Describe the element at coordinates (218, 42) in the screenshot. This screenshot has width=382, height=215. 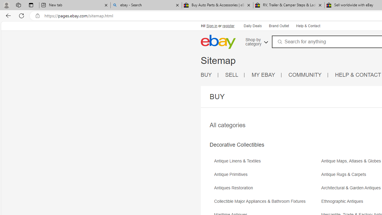
I see `'eBay Logo'` at that location.